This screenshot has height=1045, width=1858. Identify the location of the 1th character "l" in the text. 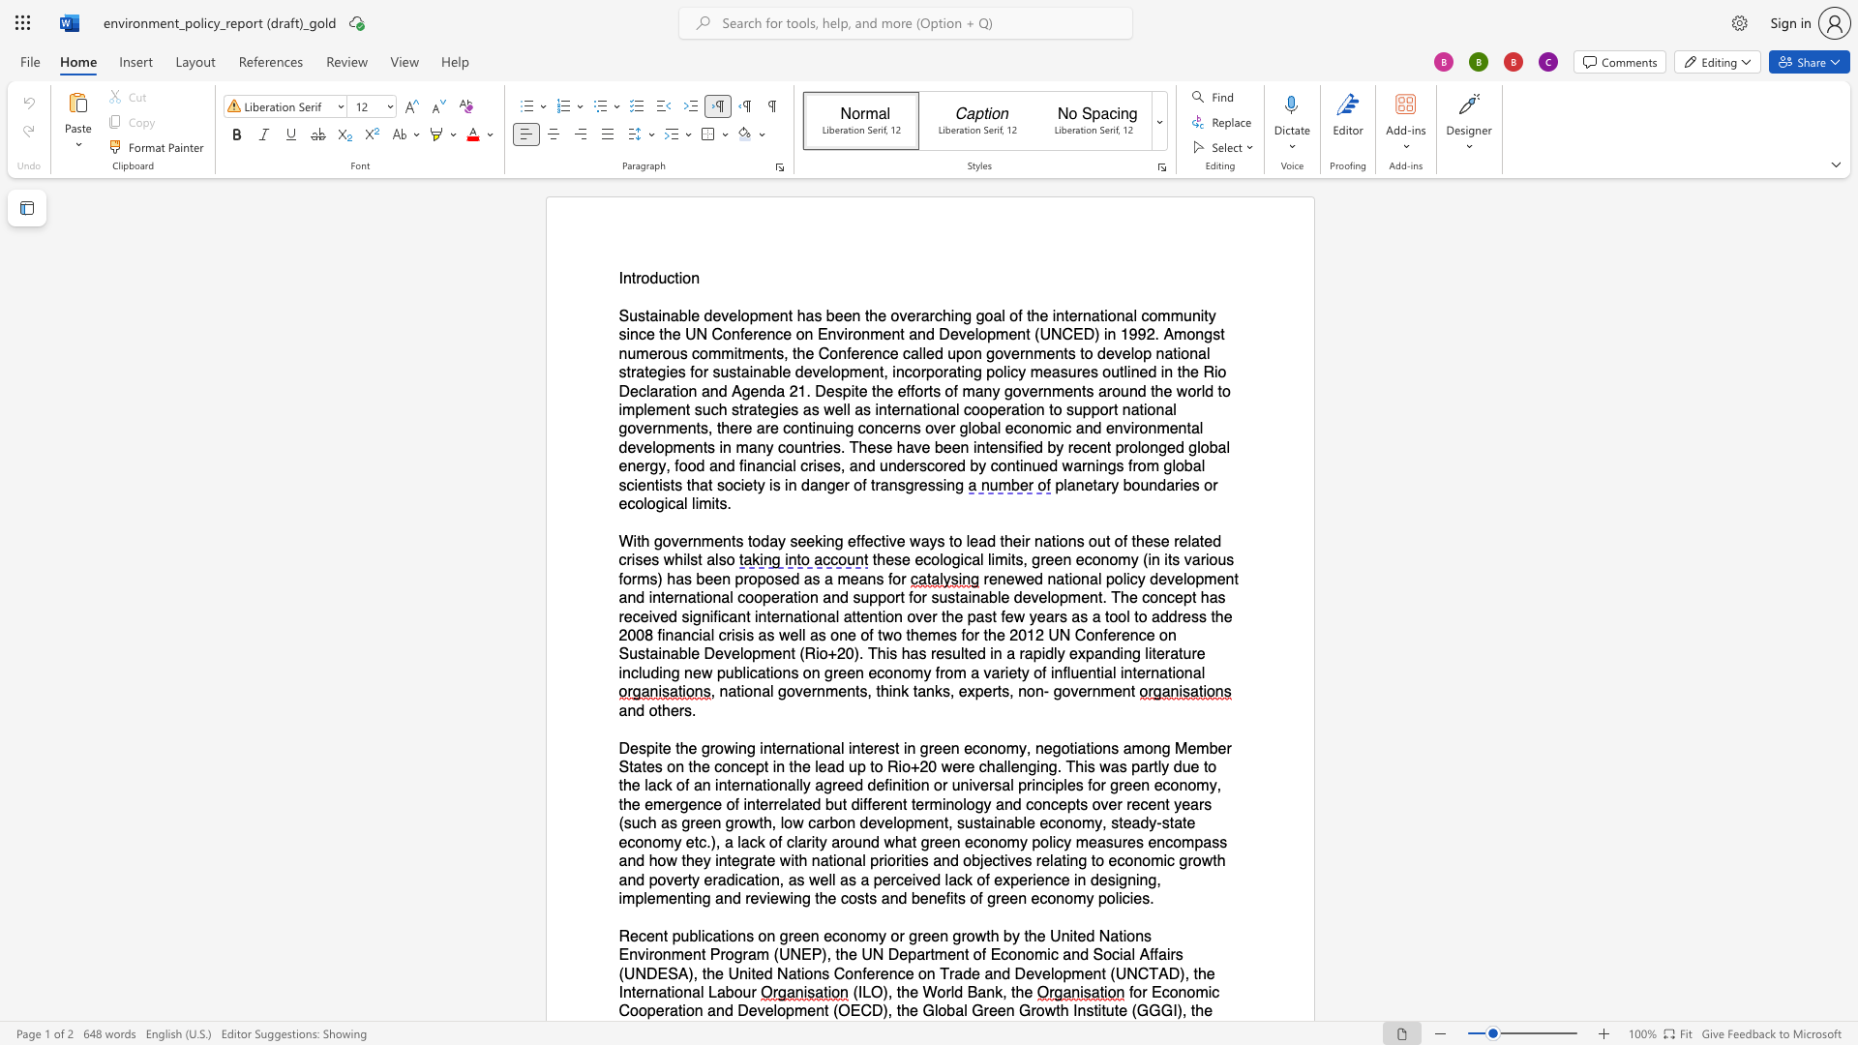
(842, 747).